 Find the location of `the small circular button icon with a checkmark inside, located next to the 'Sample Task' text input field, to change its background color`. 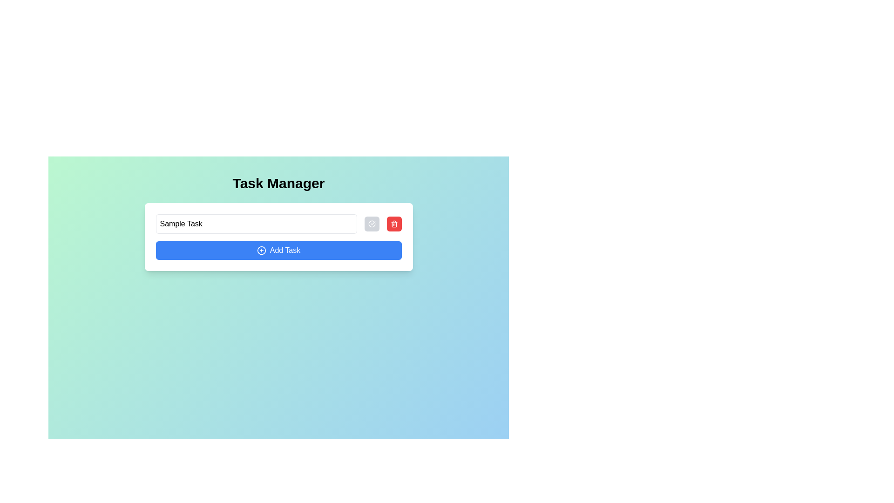

the small circular button icon with a checkmark inside, located next to the 'Sample Task' text input field, to change its background color is located at coordinates (371, 224).